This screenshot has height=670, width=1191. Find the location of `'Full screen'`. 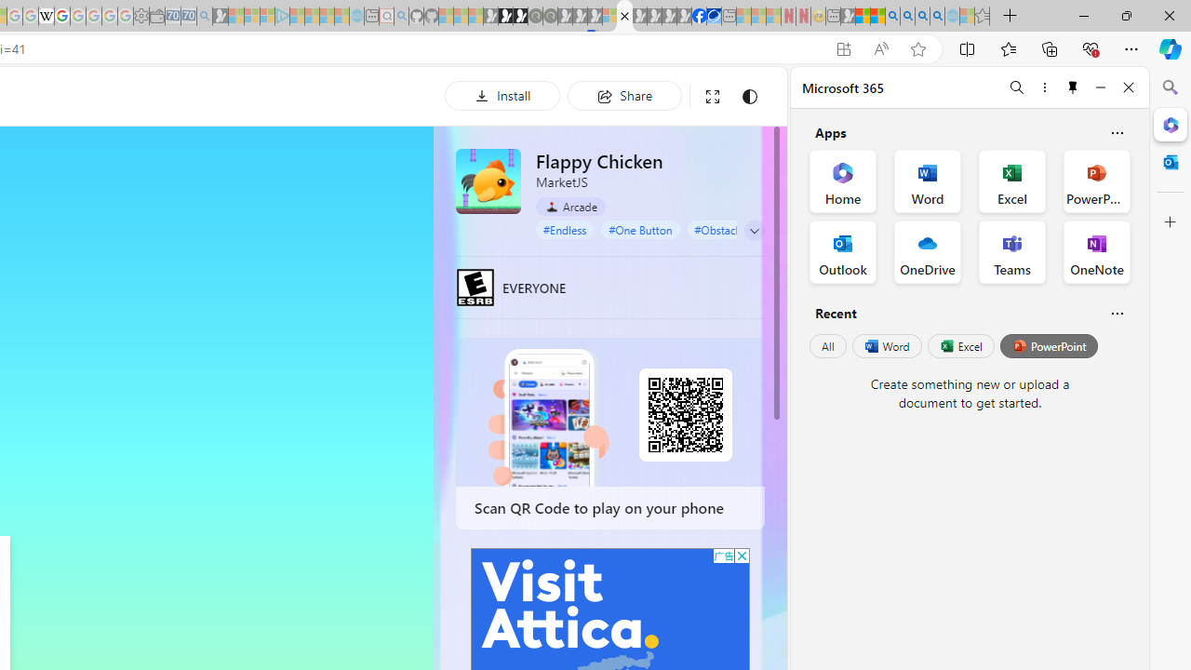

'Full screen' is located at coordinates (711, 96).